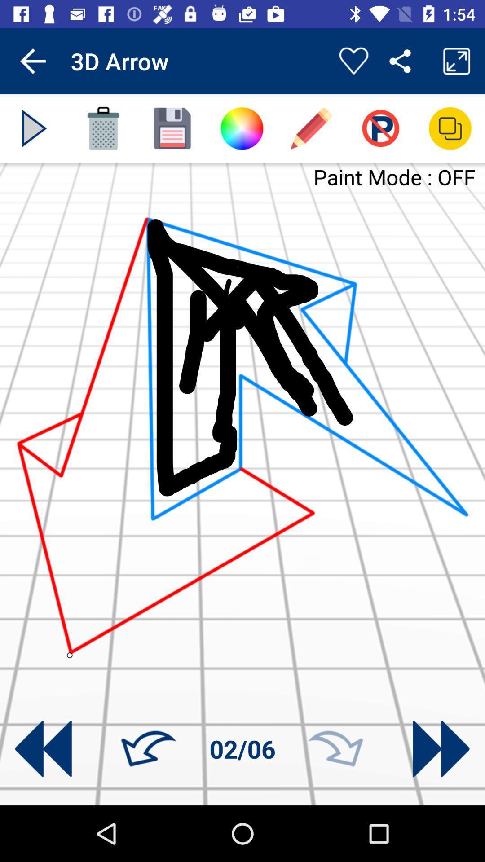 This screenshot has width=485, height=862. Describe the element at coordinates (335, 749) in the screenshot. I see `the redo icon` at that location.